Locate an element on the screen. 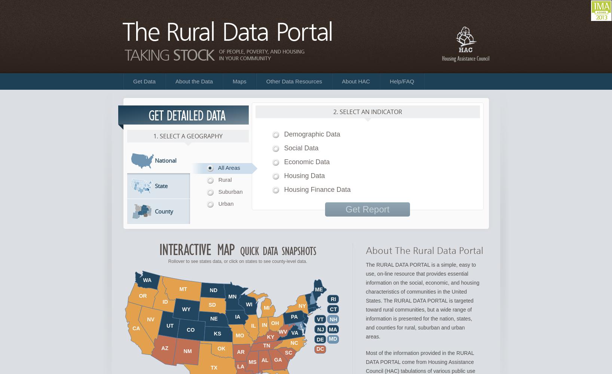  'TX' is located at coordinates (213, 367).